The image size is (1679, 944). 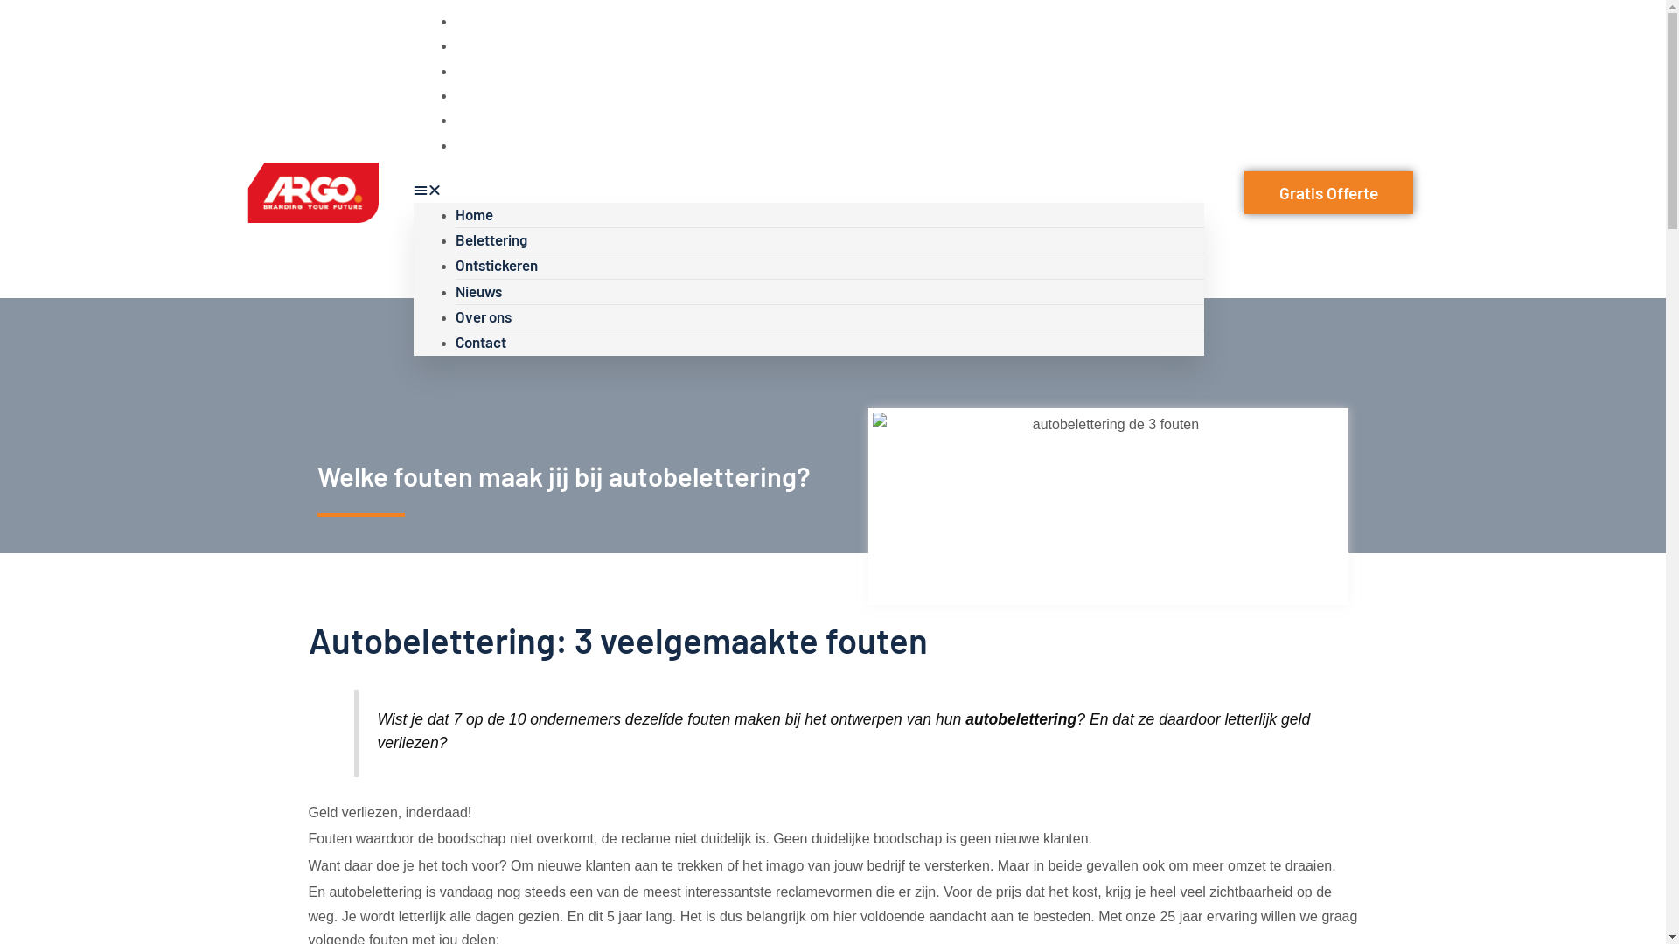 What do you see at coordinates (494, 265) in the screenshot?
I see `'Ontstickeren'` at bounding box center [494, 265].